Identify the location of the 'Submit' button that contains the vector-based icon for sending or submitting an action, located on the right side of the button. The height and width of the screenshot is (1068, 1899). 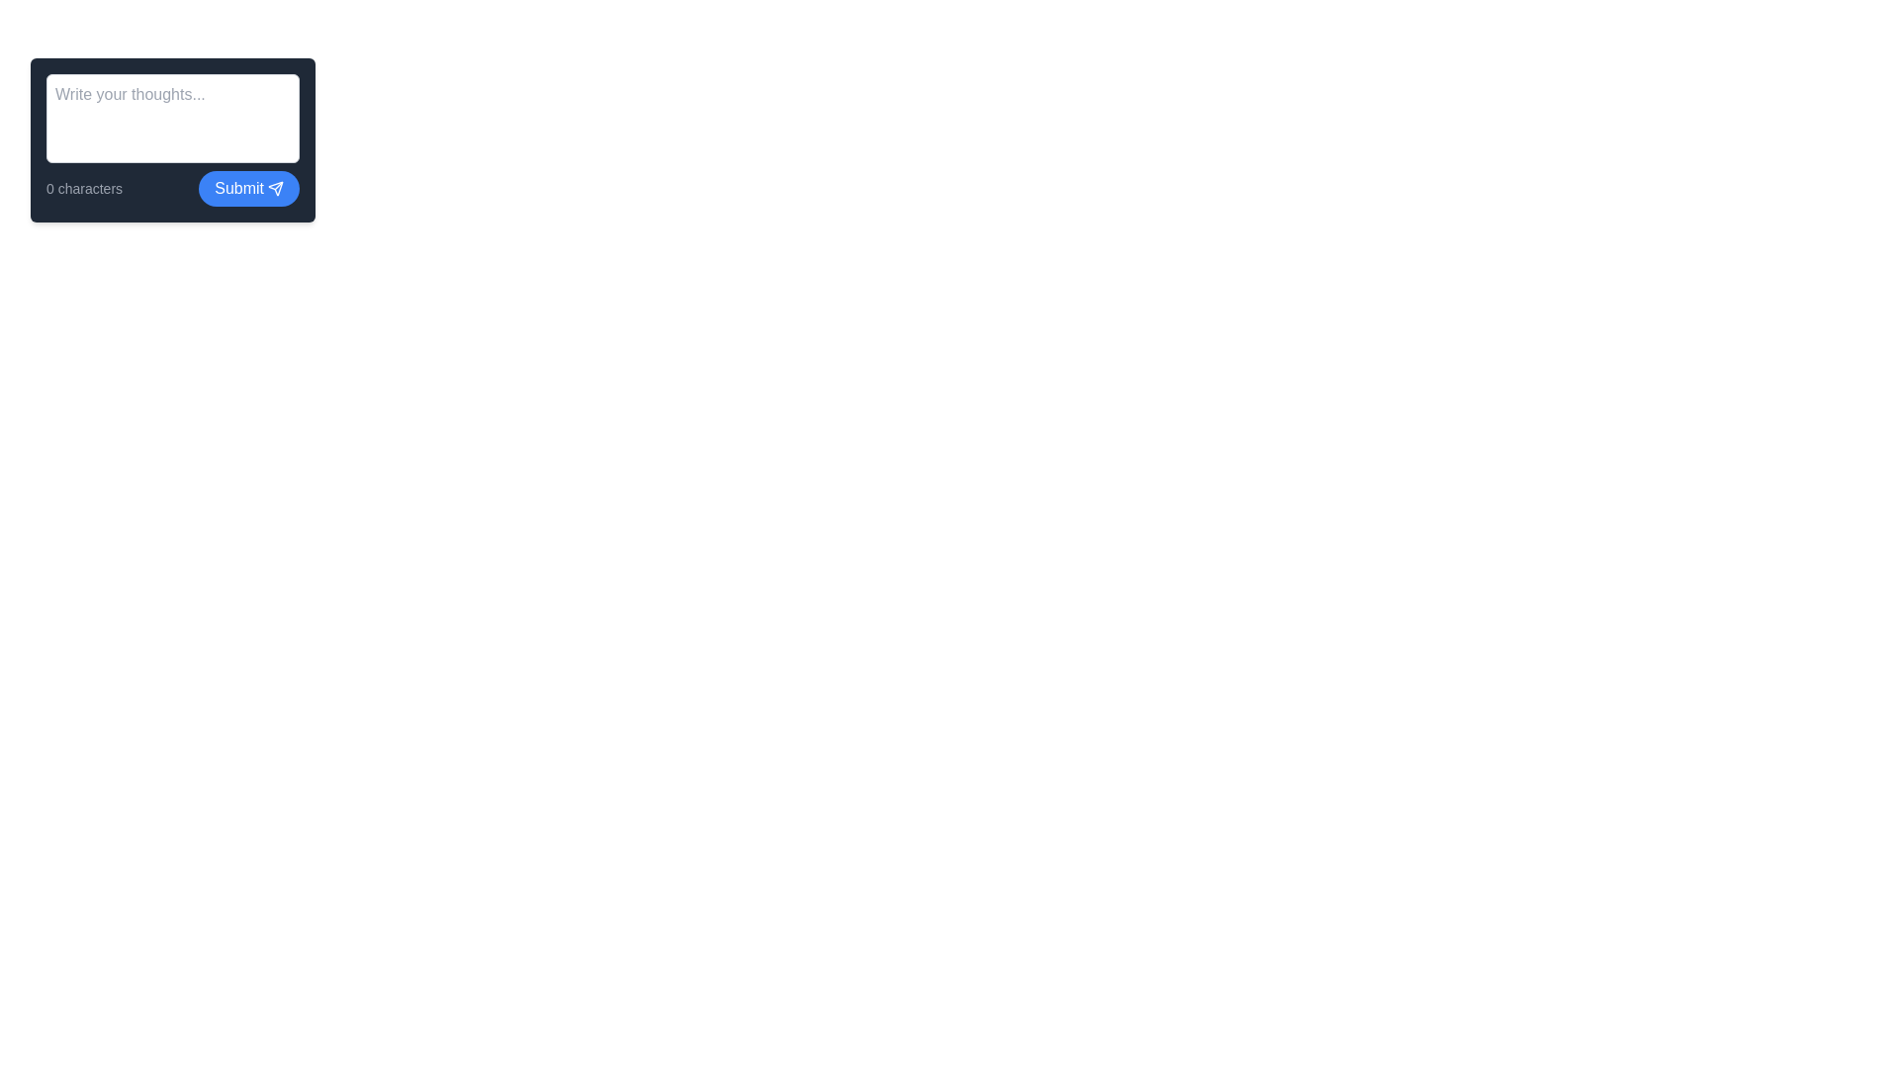
(274, 189).